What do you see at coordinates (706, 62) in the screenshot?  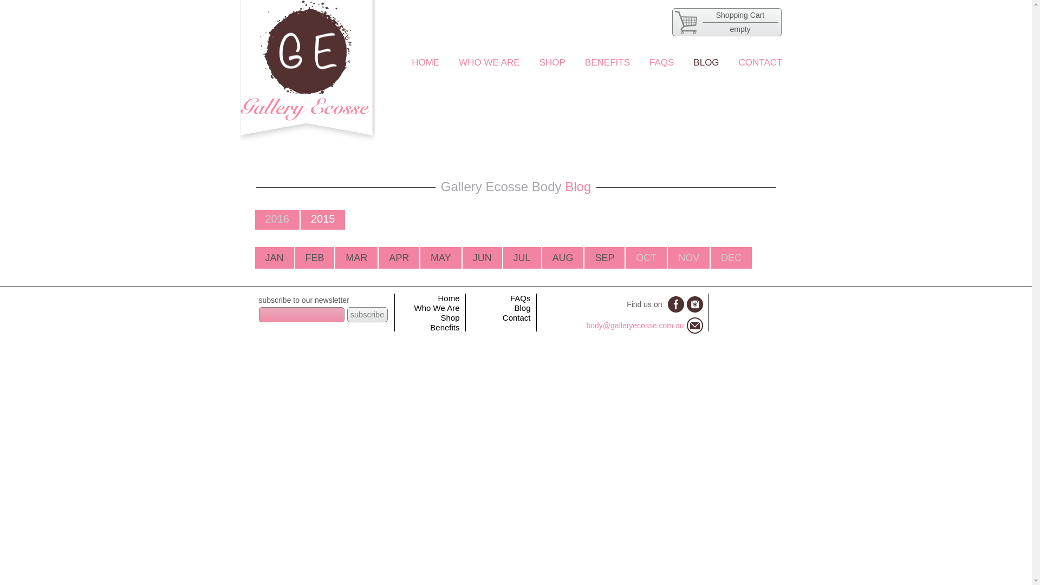 I see `'BLOG'` at bounding box center [706, 62].